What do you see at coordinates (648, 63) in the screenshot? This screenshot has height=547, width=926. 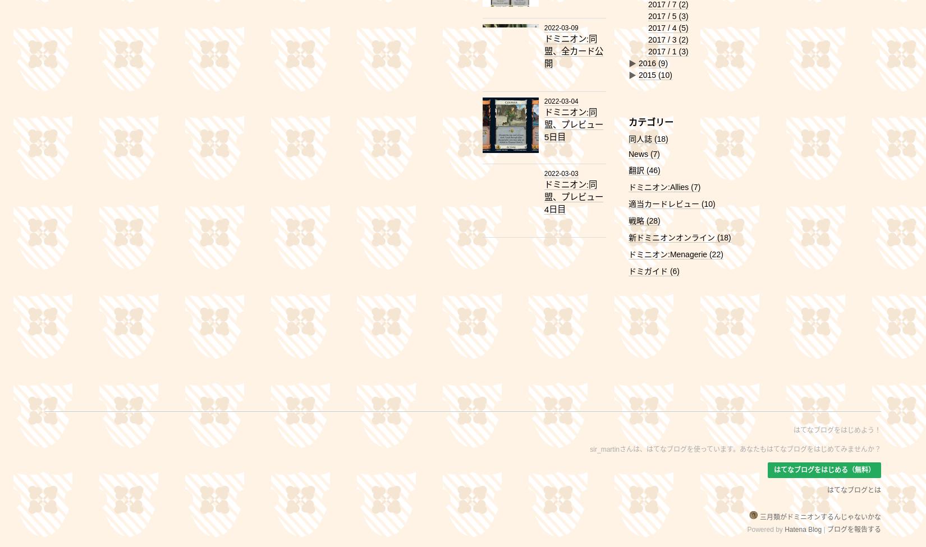 I see `'2016'` at bounding box center [648, 63].